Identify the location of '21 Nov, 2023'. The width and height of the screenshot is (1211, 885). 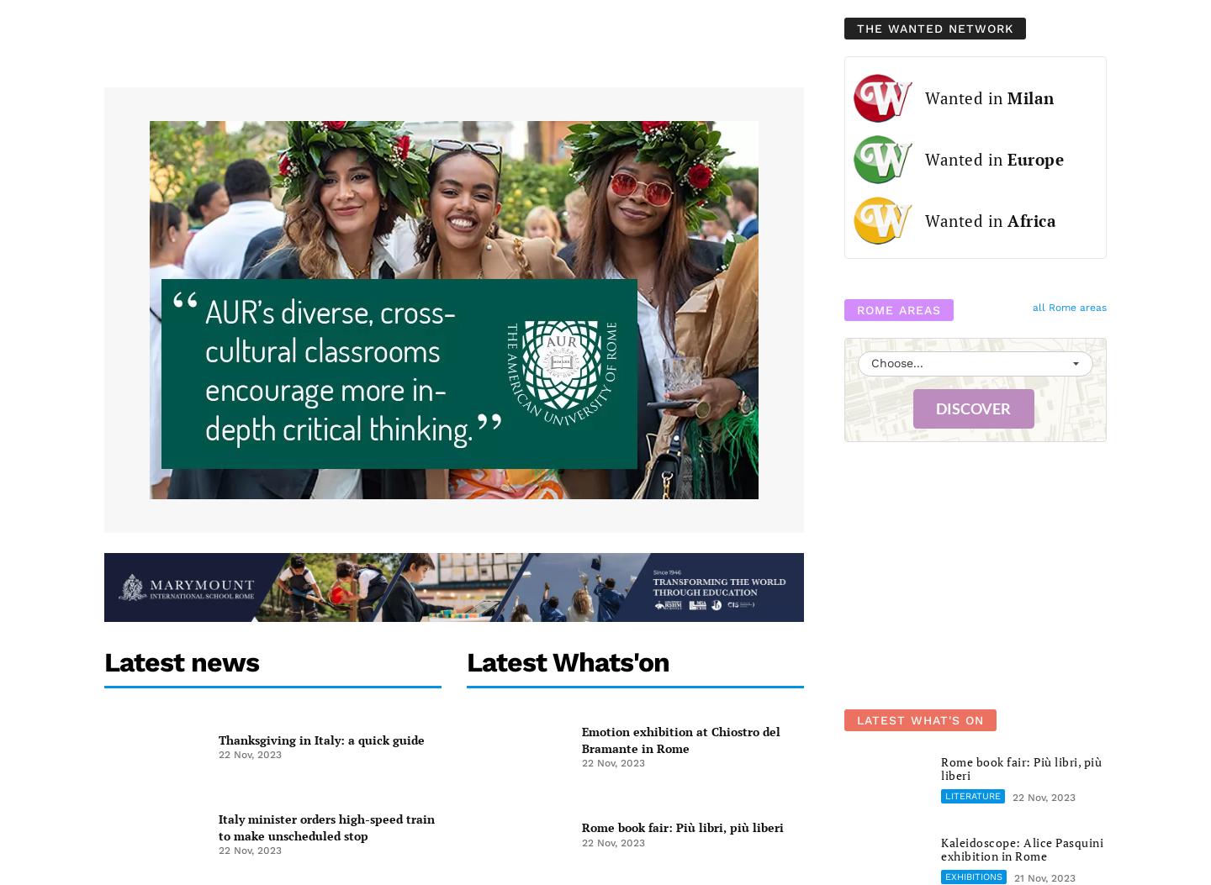
(1013, 877).